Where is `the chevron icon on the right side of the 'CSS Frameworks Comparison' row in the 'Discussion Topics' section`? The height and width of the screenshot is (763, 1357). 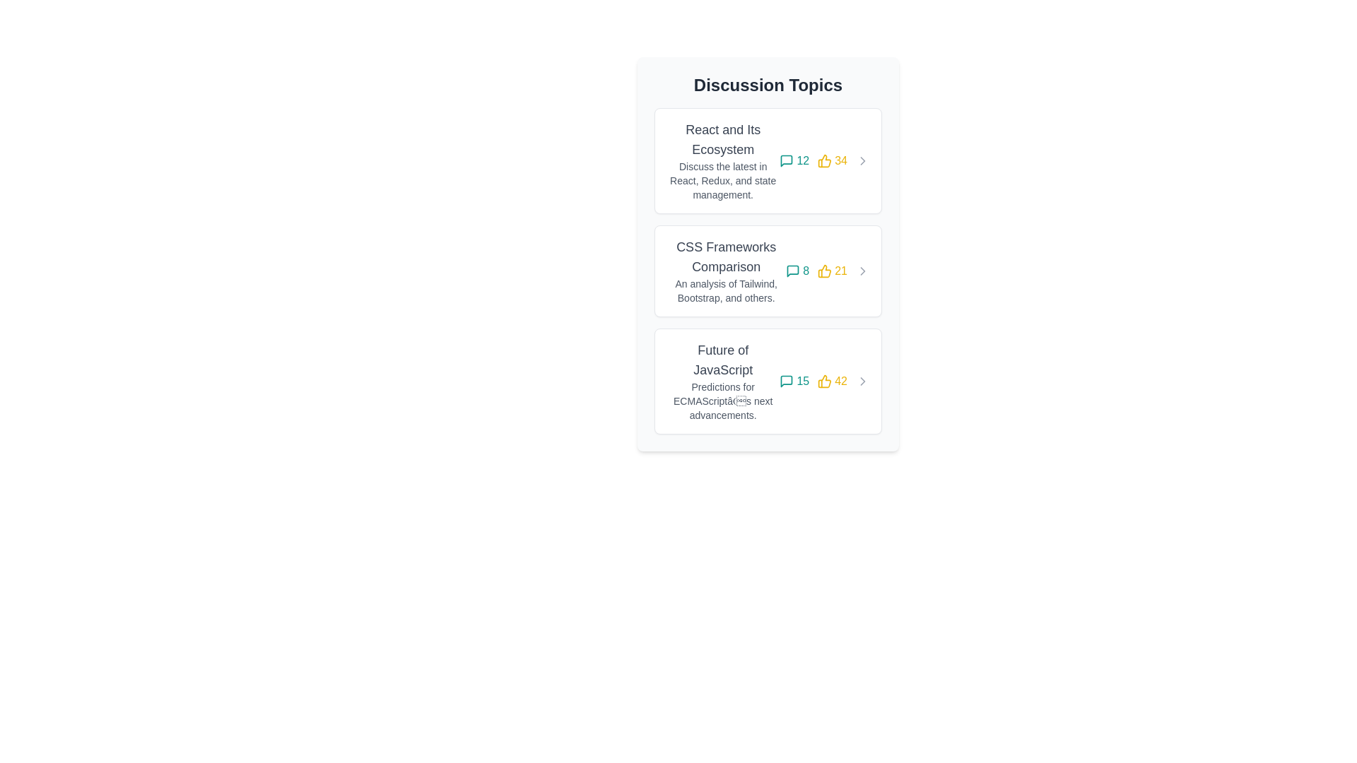
the chevron icon on the right side of the 'CSS Frameworks Comparison' row in the 'Discussion Topics' section is located at coordinates (862, 271).